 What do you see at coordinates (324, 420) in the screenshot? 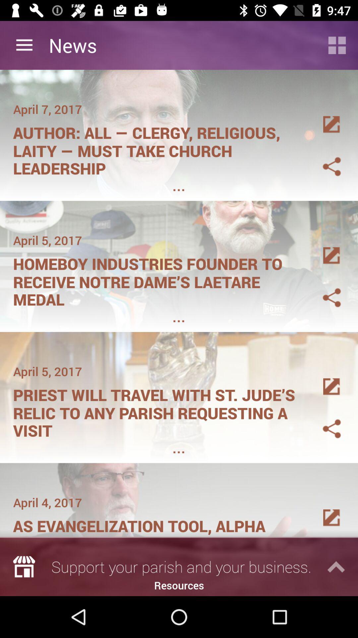
I see `sahre to` at bounding box center [324, 420].